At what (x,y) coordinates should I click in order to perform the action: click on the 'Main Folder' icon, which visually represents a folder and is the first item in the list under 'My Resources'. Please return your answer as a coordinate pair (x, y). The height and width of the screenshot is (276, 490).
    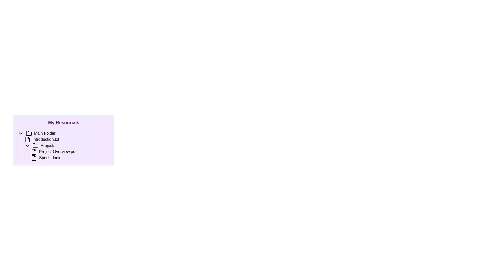
    Looking at the image, I should click on (29, 133).